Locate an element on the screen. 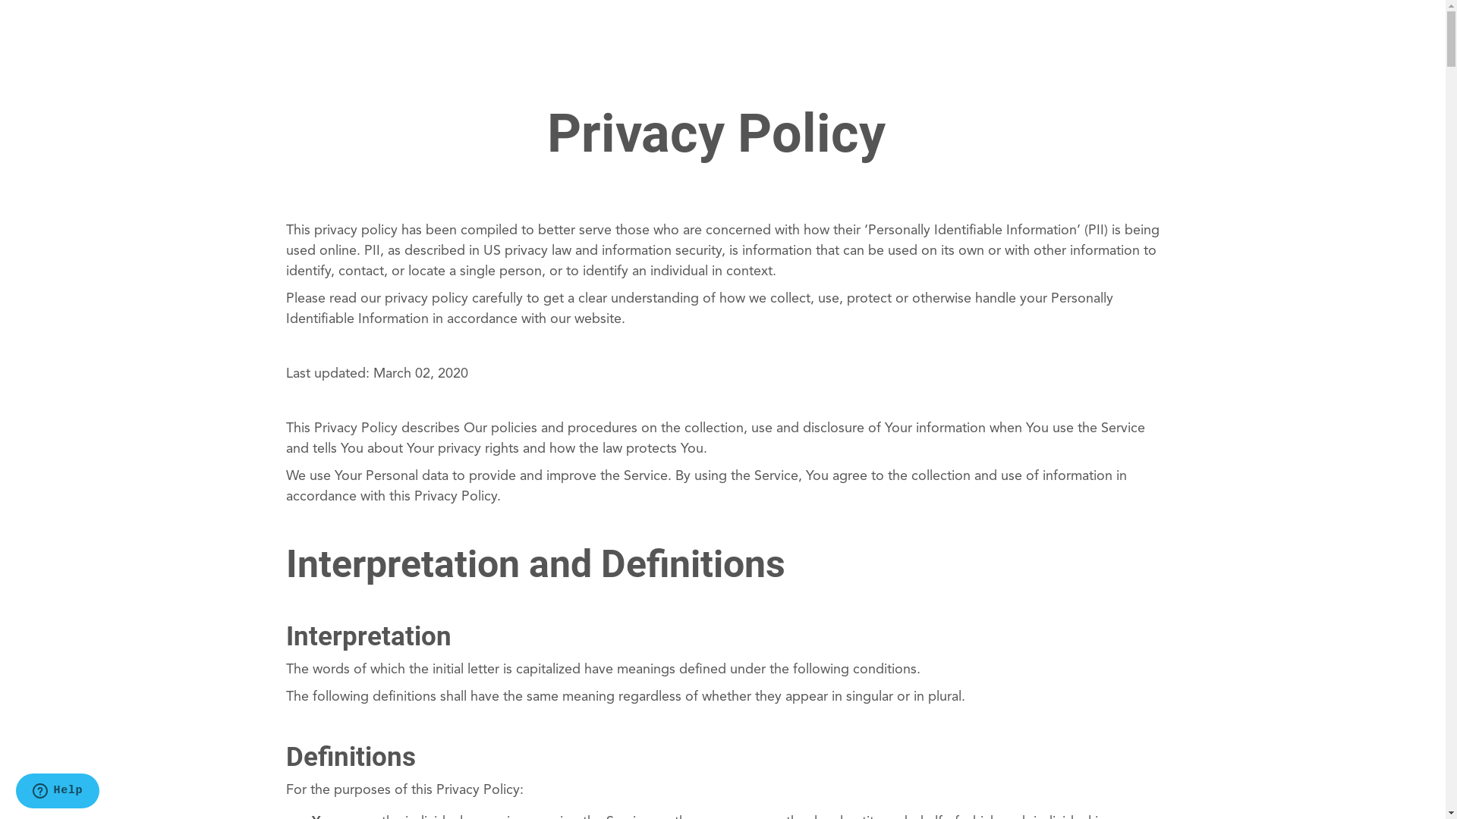 The width and height of the screenshot is (1457, 819). 'Opens a widget where you can find more information' is located at coordinates (57, 792).